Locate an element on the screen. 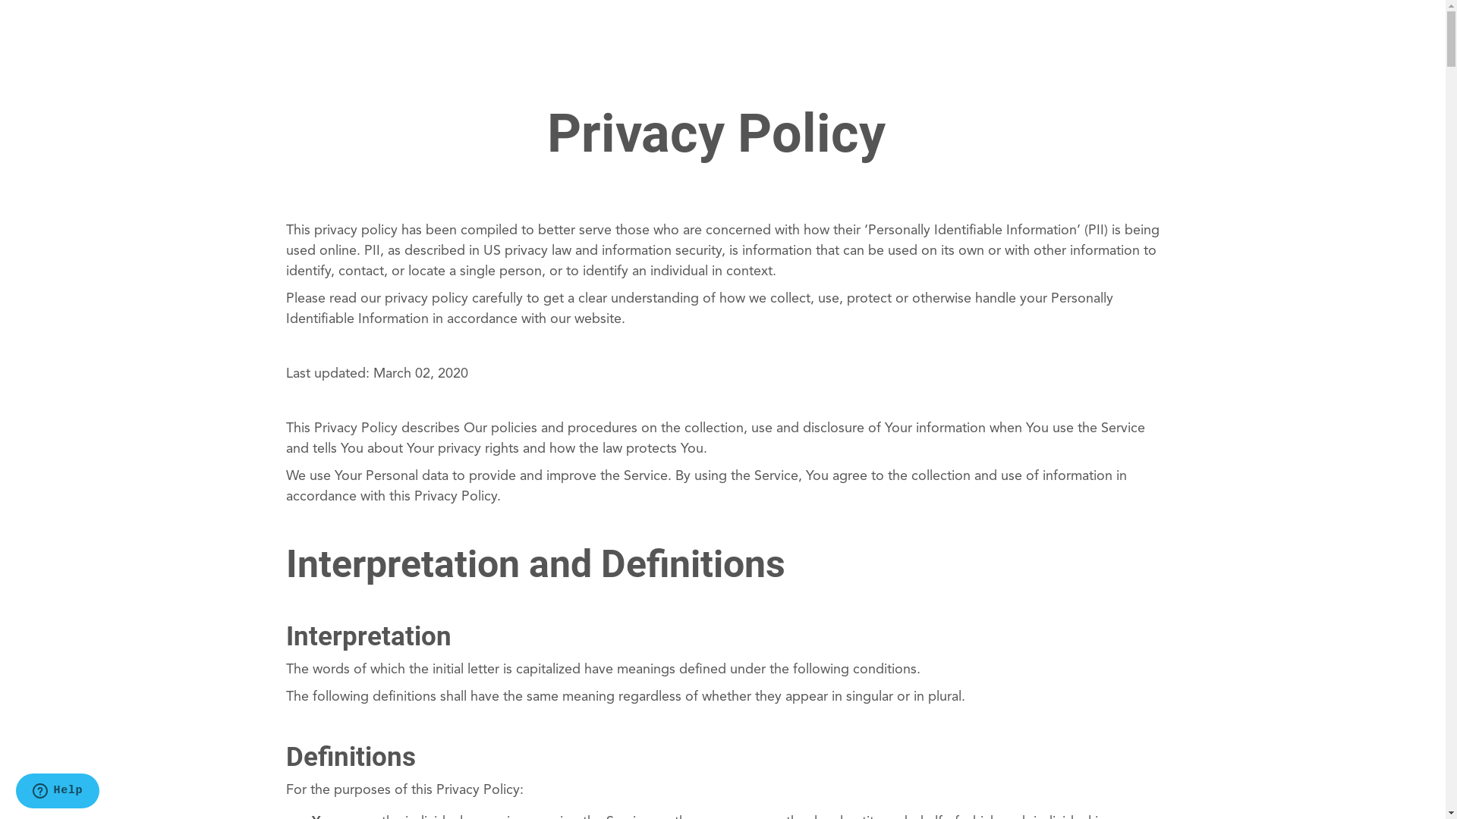 The width and height of the screenshot is (1457, 819). 'Opens a widget where you can find more information' is located at coordinates (57, 792).